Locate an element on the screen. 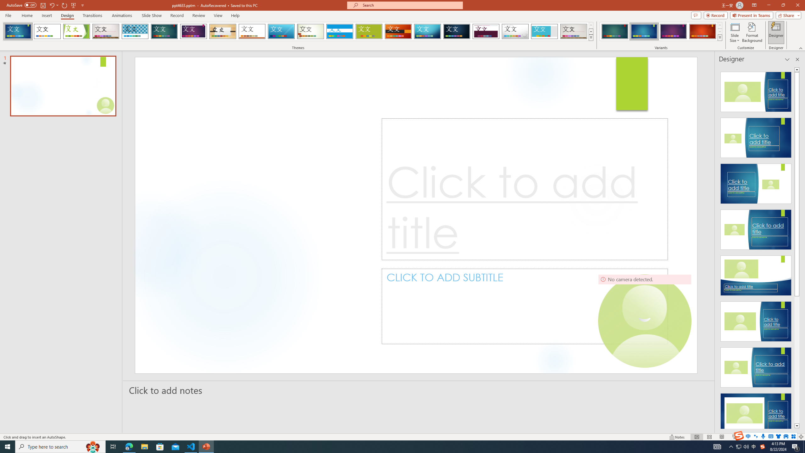 This screenshot has height=453, width=805. 'Integral' is located at coordinates (135, 31).